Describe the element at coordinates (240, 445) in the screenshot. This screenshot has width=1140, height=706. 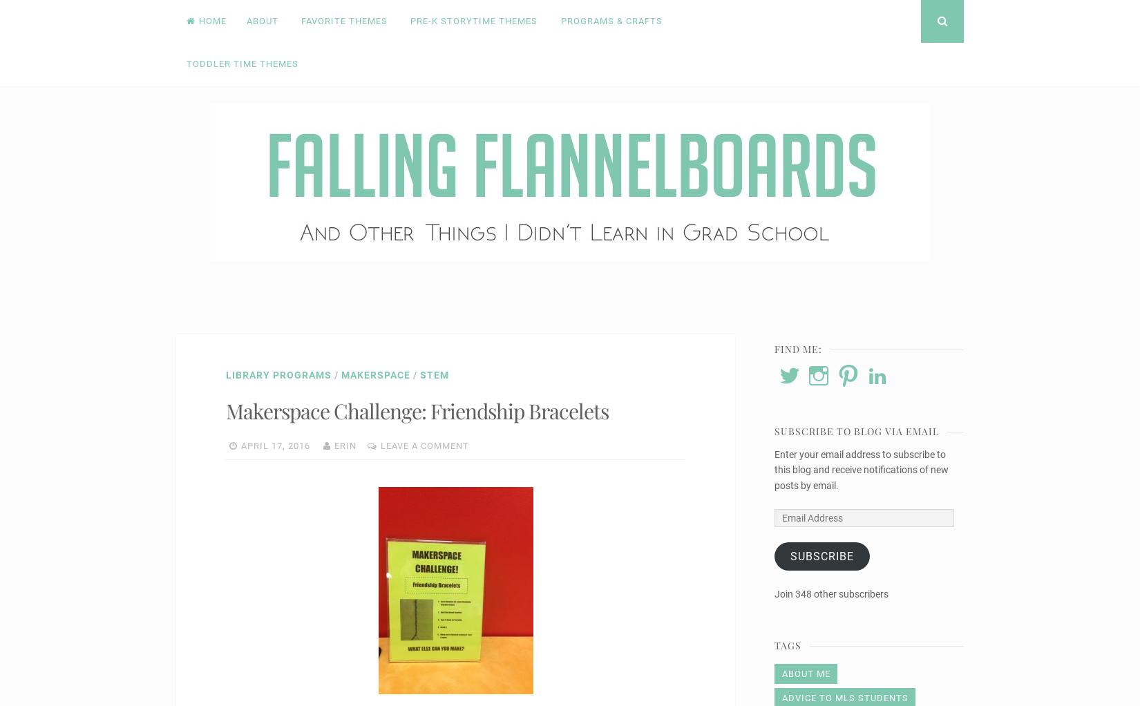
I see `'April 17, 2016'` at that location.